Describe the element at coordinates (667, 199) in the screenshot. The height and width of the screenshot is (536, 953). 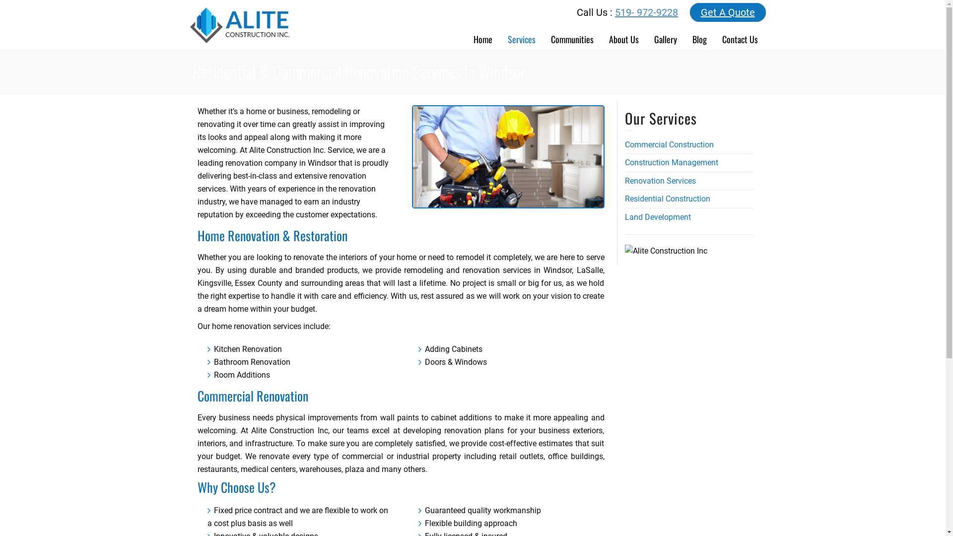
I see `'Residential Construction'` at that location.